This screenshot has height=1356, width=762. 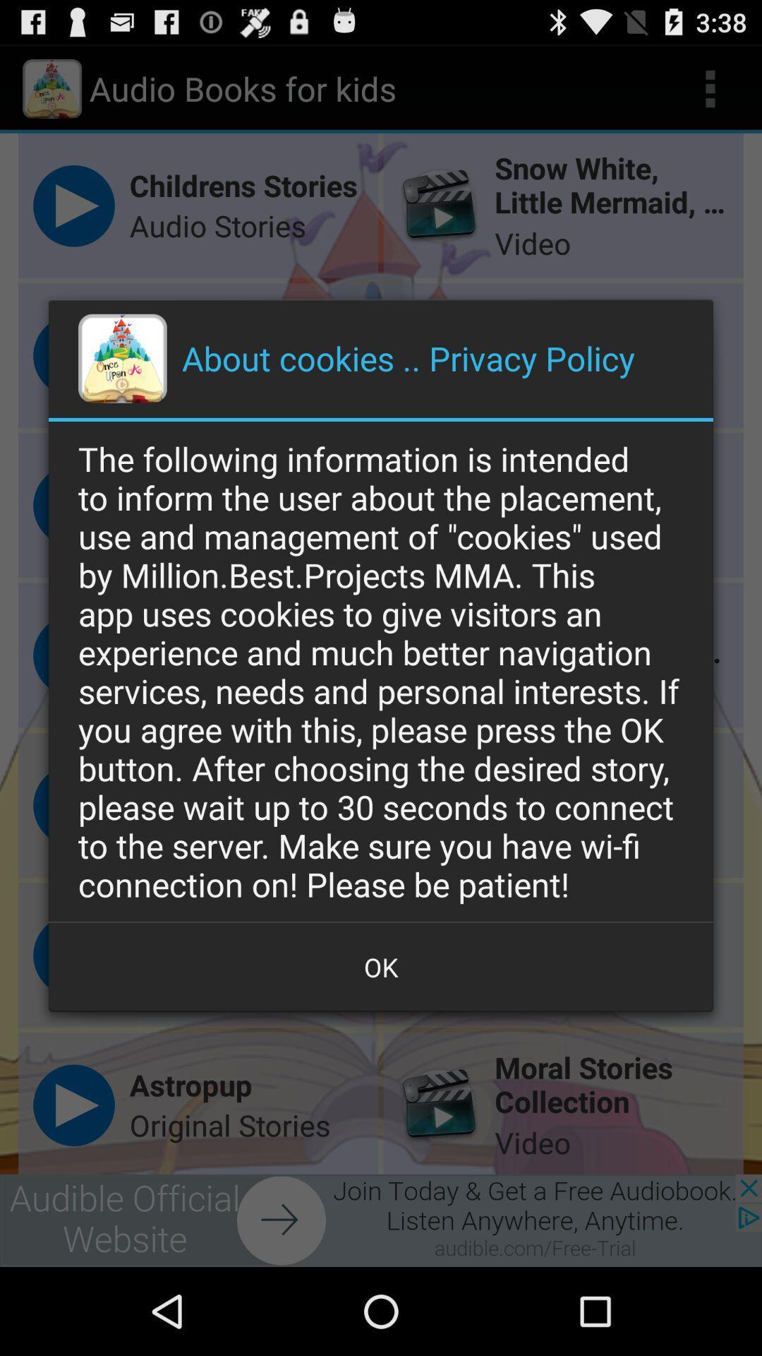 I want to click on ok, so click(x=381, y=966).